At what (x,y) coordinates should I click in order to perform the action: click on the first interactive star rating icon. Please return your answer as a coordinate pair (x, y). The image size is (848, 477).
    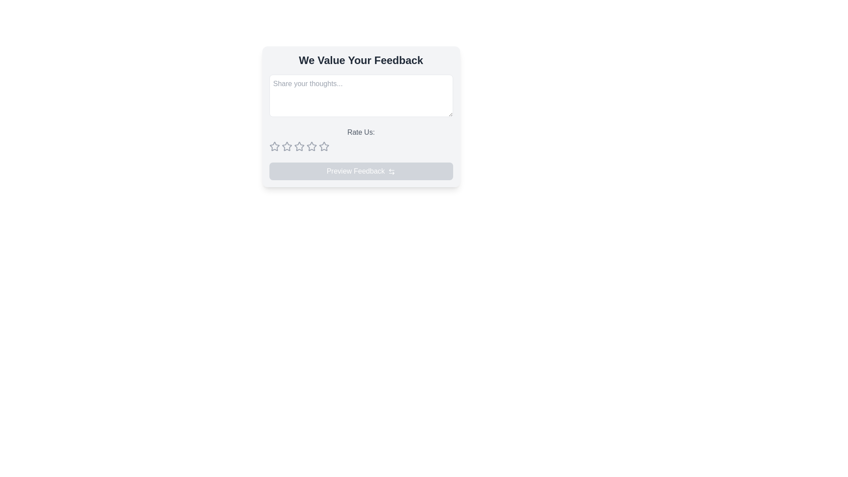
    Looking at the image, I should click on (274, 146).